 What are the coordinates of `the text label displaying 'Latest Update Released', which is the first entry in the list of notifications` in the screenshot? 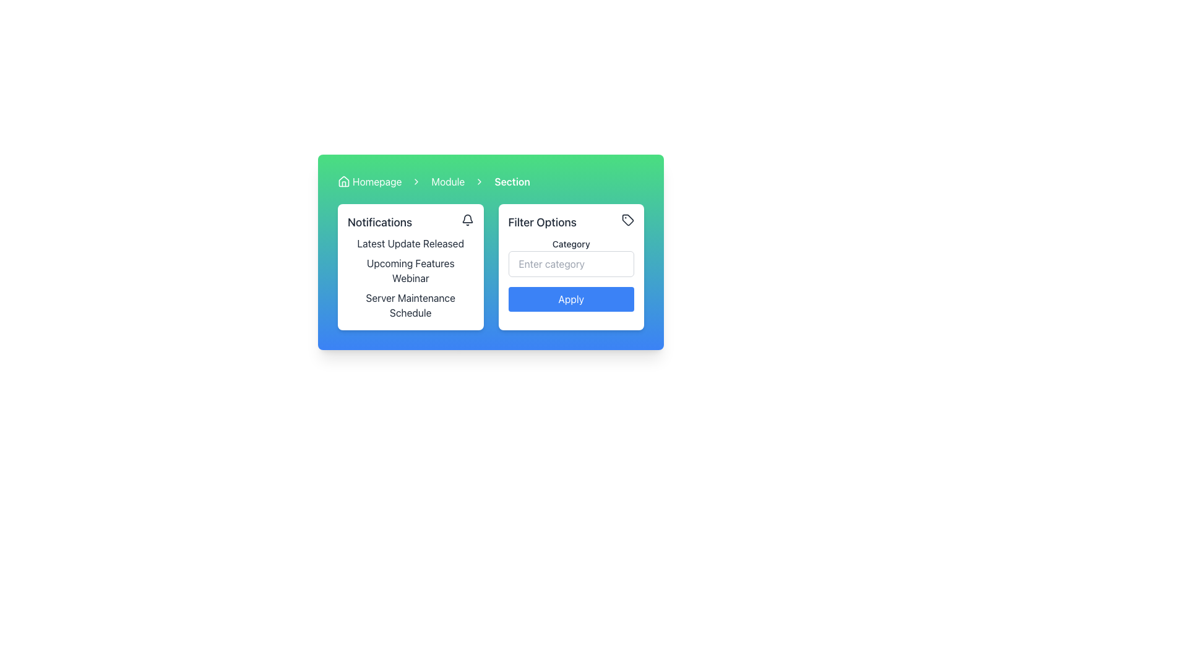 It's located at (410, 243).